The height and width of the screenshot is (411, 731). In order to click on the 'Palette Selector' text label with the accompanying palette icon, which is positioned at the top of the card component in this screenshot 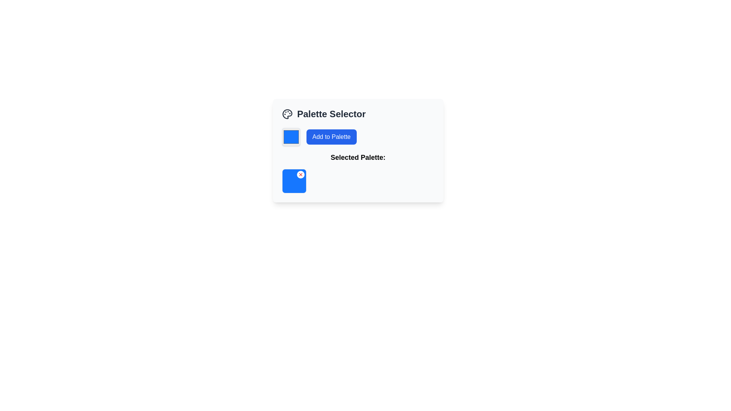, I will do `click(358, 114)`.